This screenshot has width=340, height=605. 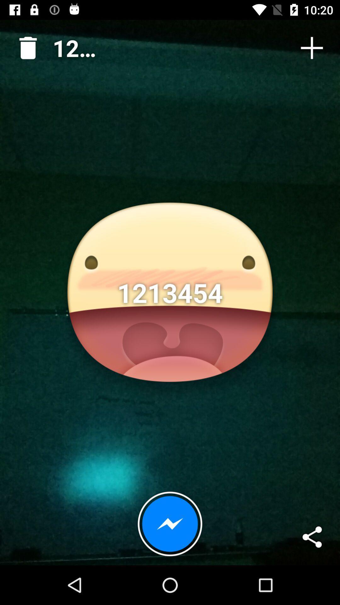 What do you see at coordinates (312, 48) in the screenshot?
I see `the add icon` at bounding box center [312, 48].